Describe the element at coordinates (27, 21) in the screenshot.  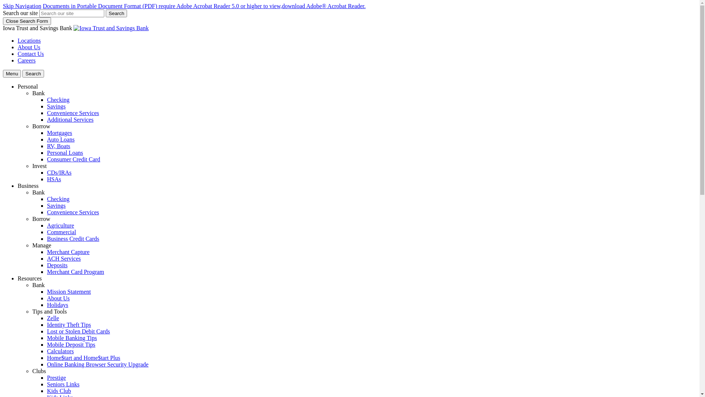
I see `'Close Search Form'` at that location.